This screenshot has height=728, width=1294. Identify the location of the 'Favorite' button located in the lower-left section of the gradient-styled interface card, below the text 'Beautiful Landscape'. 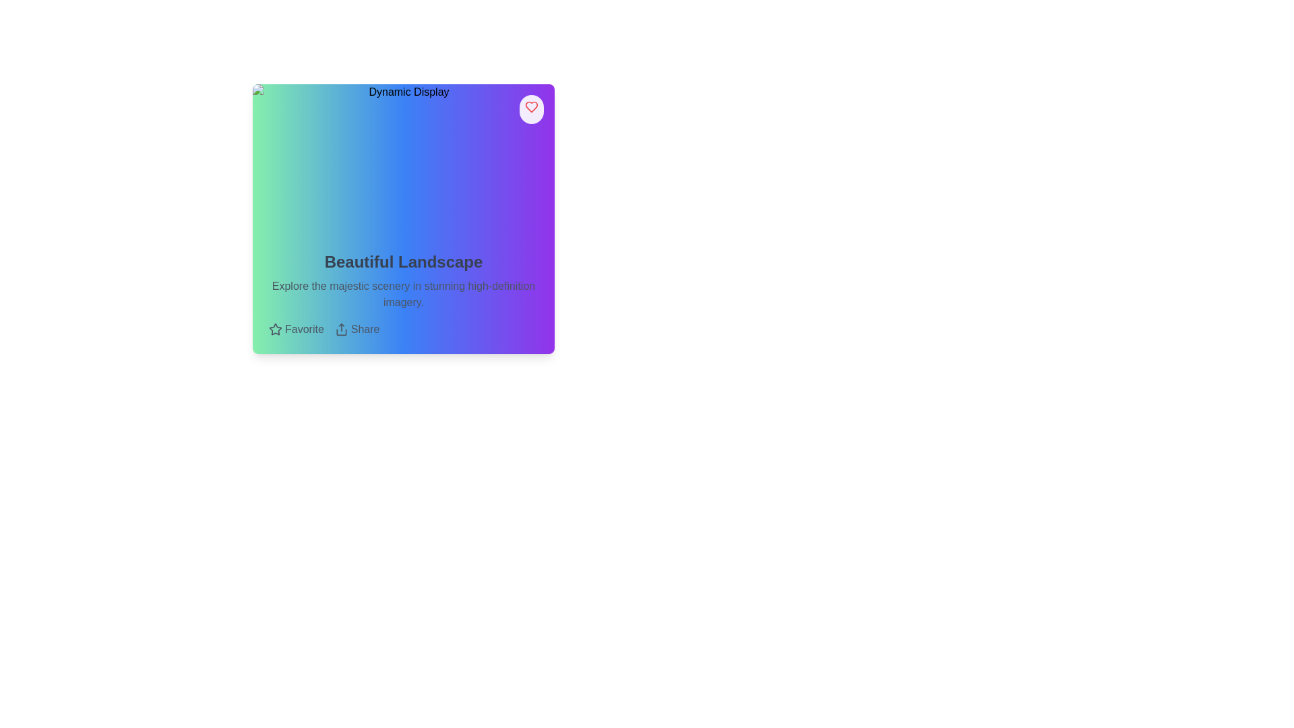
(274, 329).